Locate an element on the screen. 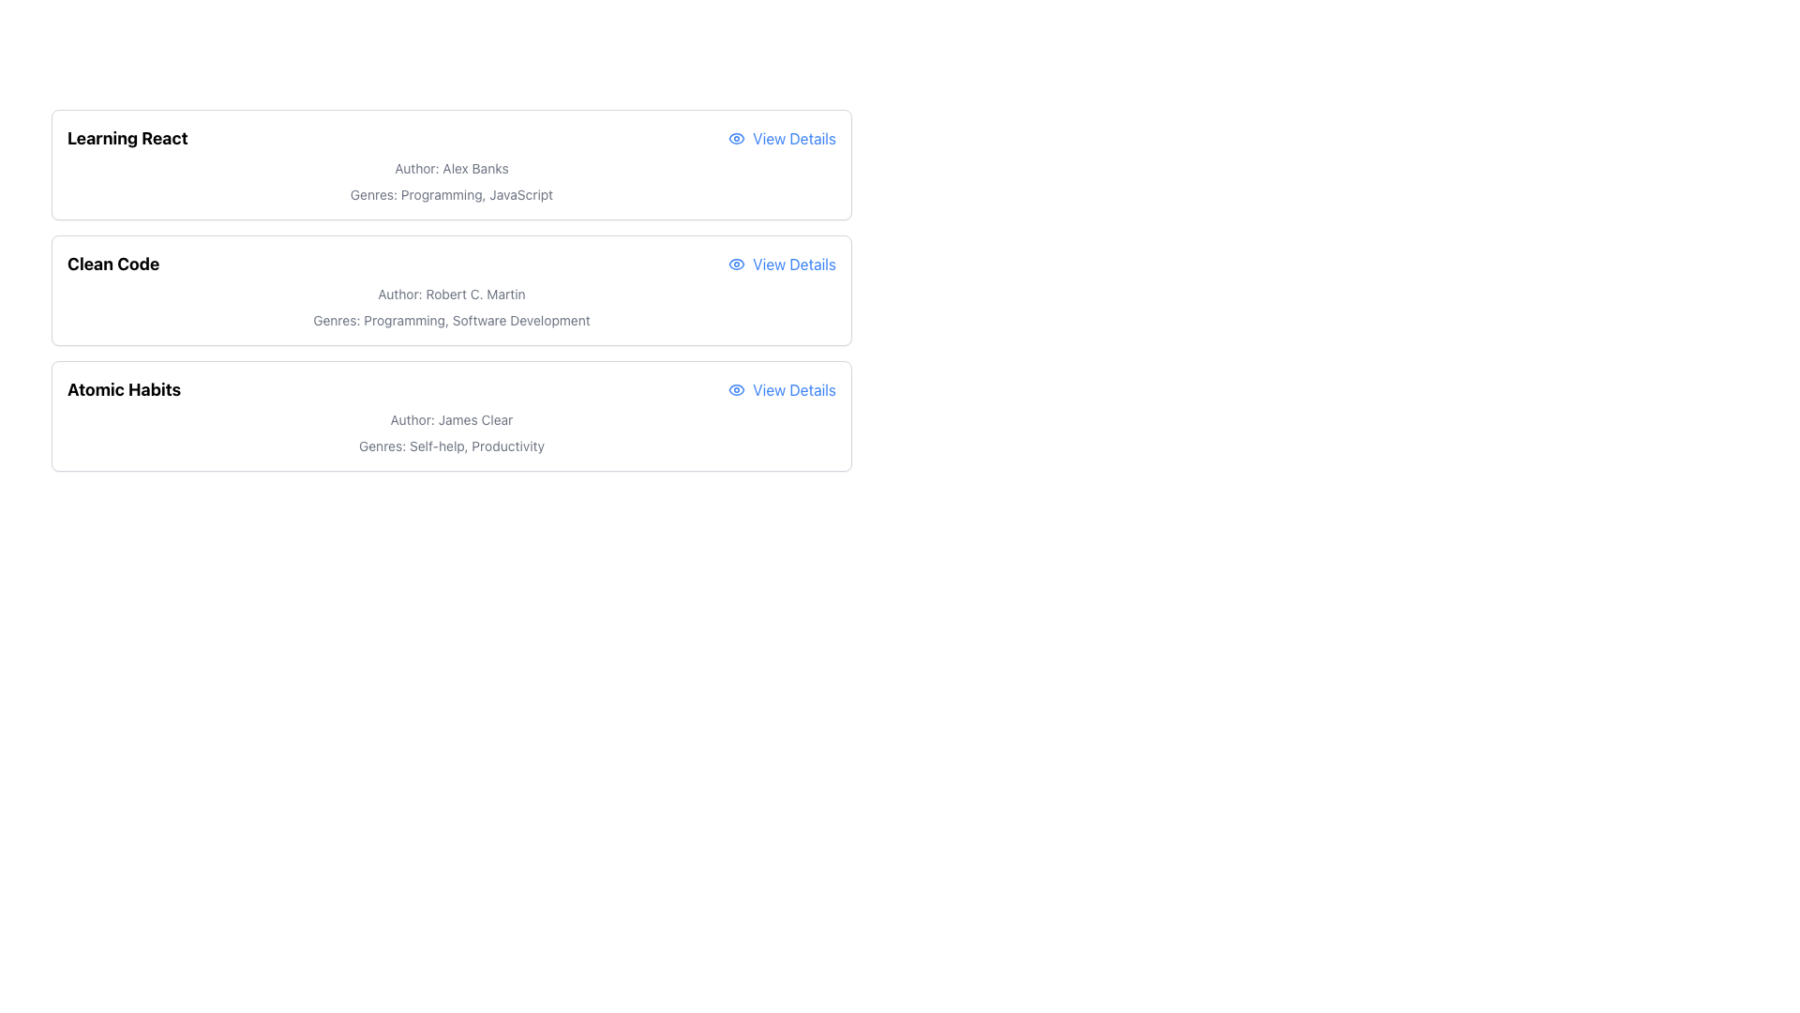 This screenshot has width=1800, height=1013. the text element displaying 'Genres: Self-help, Productivity' which is located below the author information 'Author: James Clear' in the third section of the book cards is located at coordinates (451, 446).